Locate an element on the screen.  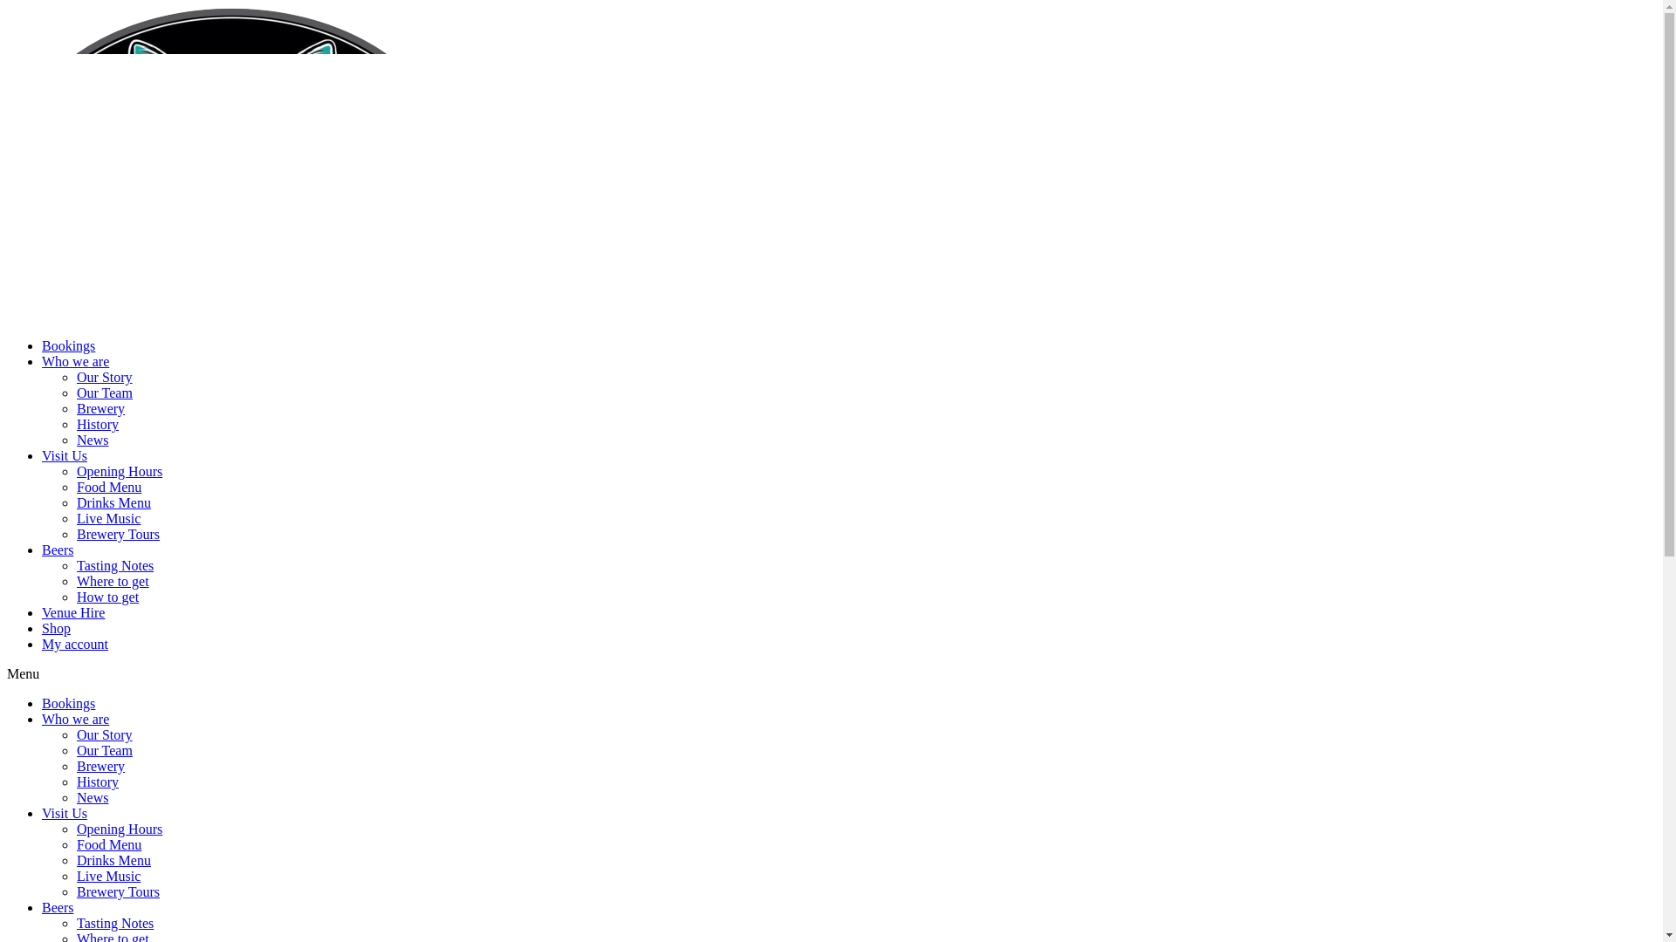
'Brewery Tours' is located at coordinates (117, 533).